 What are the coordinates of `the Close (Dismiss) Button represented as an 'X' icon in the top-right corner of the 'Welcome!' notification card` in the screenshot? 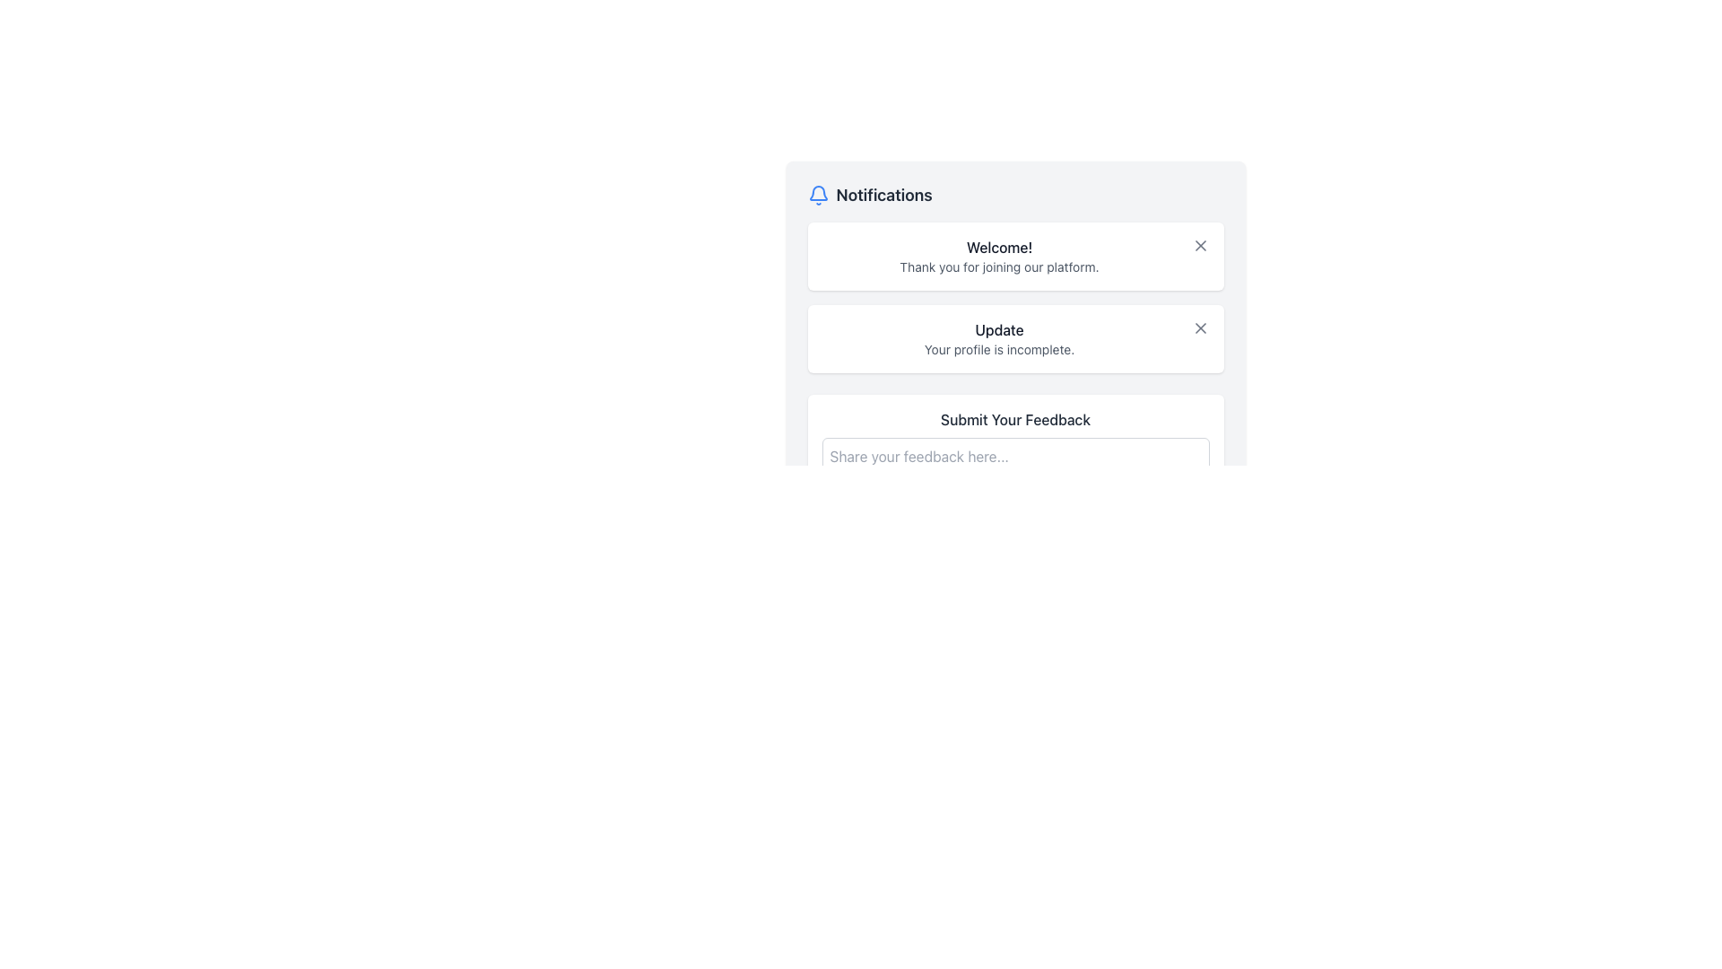 It's located at (1200, 245).